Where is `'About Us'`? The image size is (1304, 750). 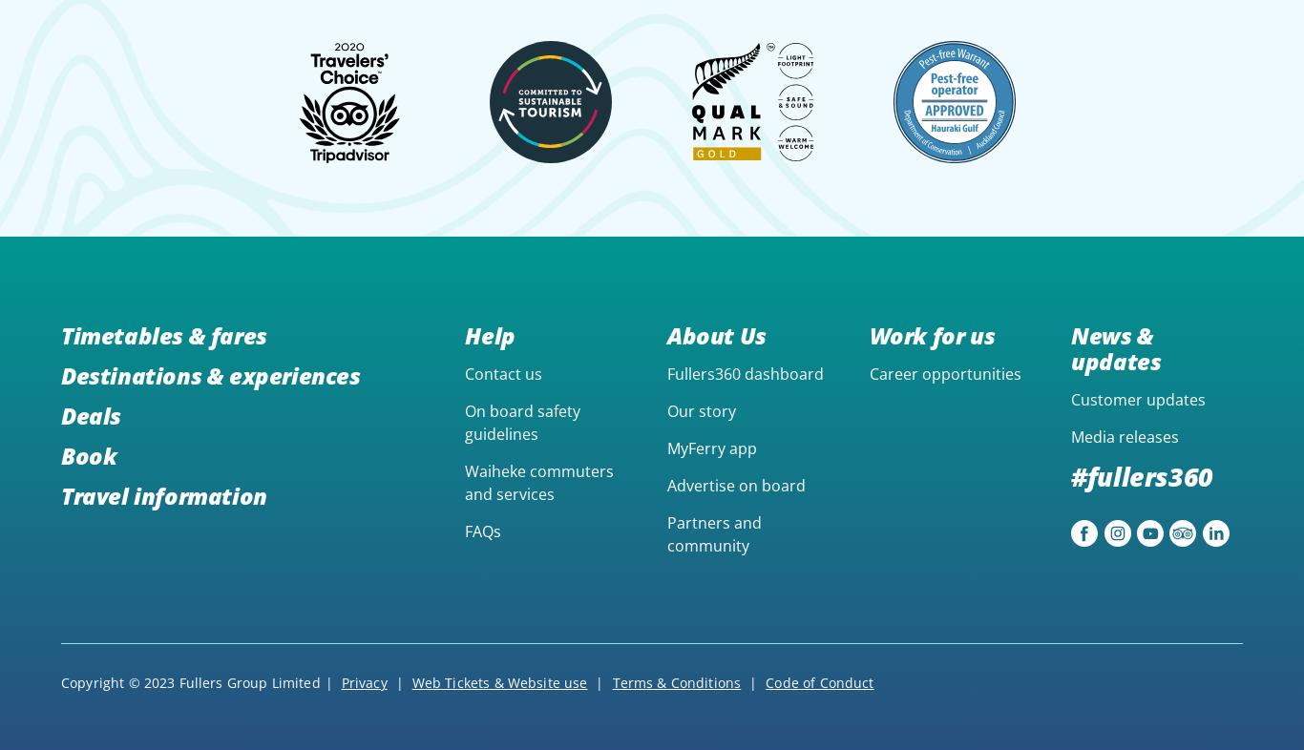 'About Us' is located at coordinates (715, 335).